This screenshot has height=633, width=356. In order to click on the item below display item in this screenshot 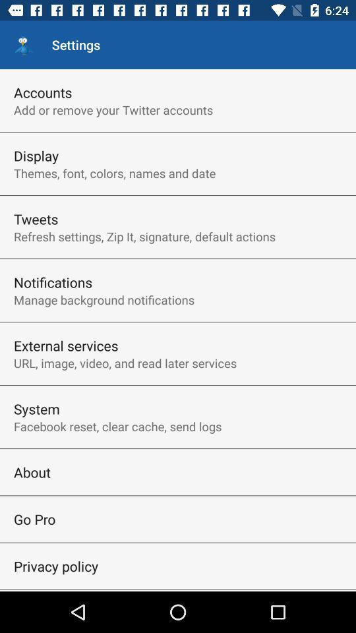, I will do `click(115, 172)`.